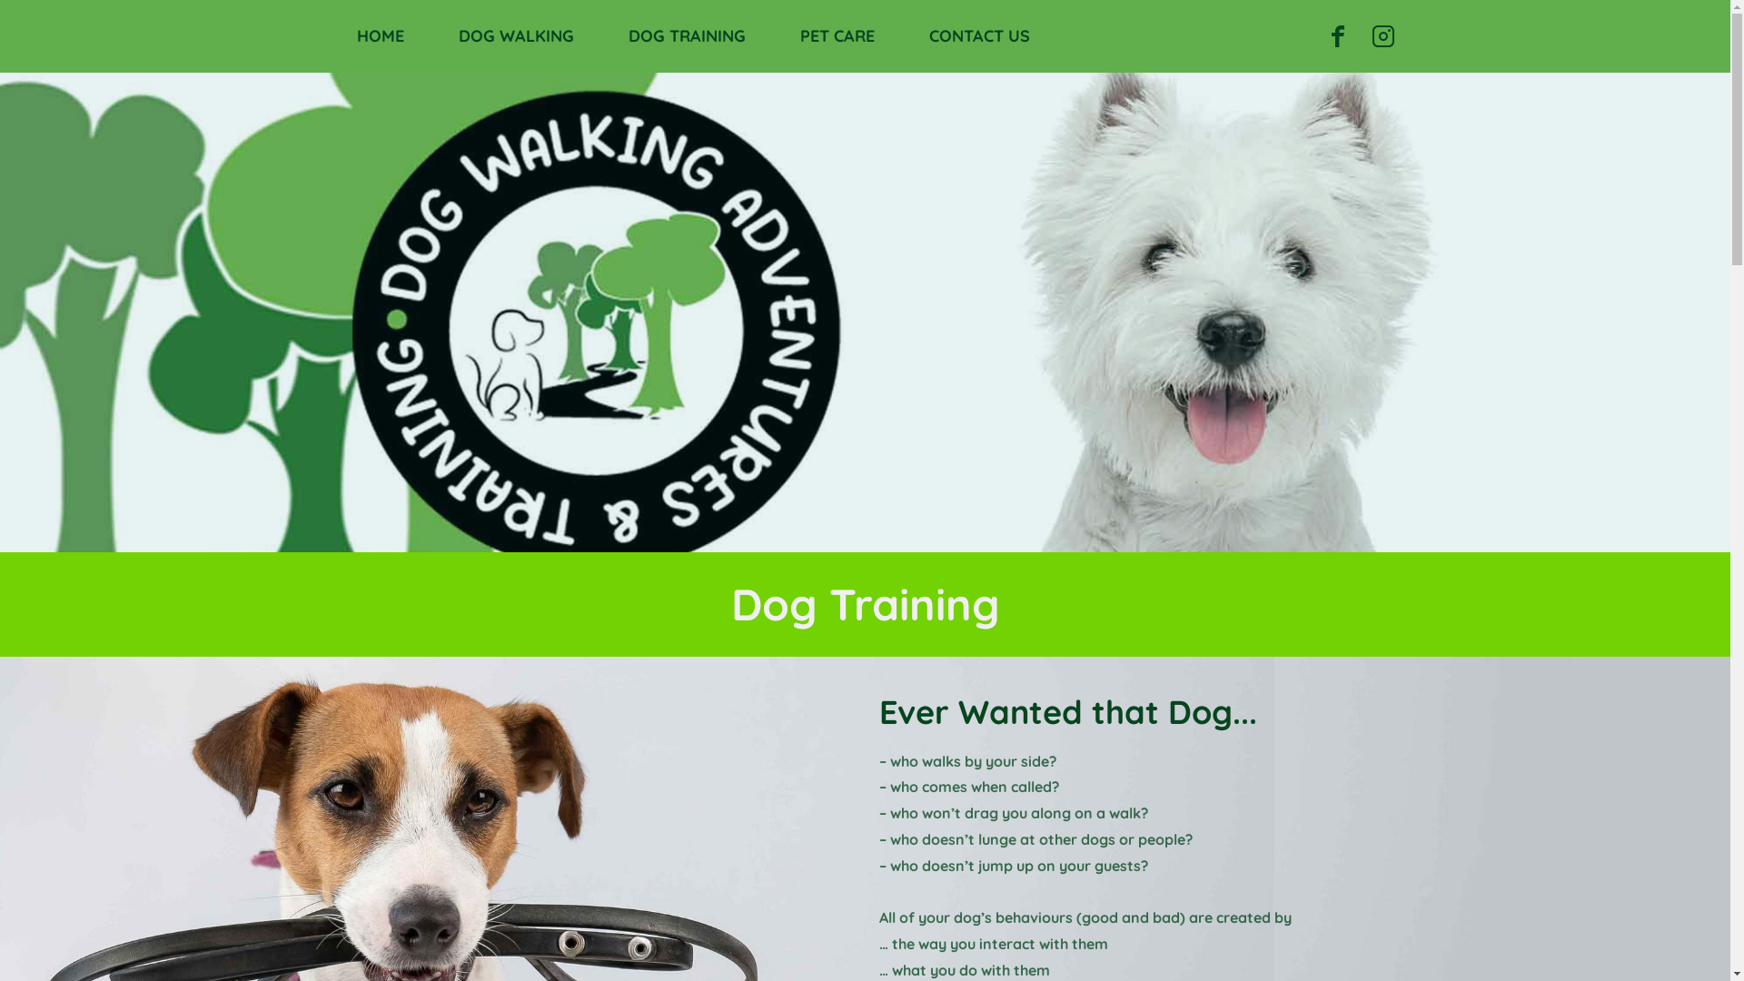 This screenshot has height=981, width=1744. Describe the element at coordinates (334, 35) in the screenshot. I see `'HOME'` at that location.